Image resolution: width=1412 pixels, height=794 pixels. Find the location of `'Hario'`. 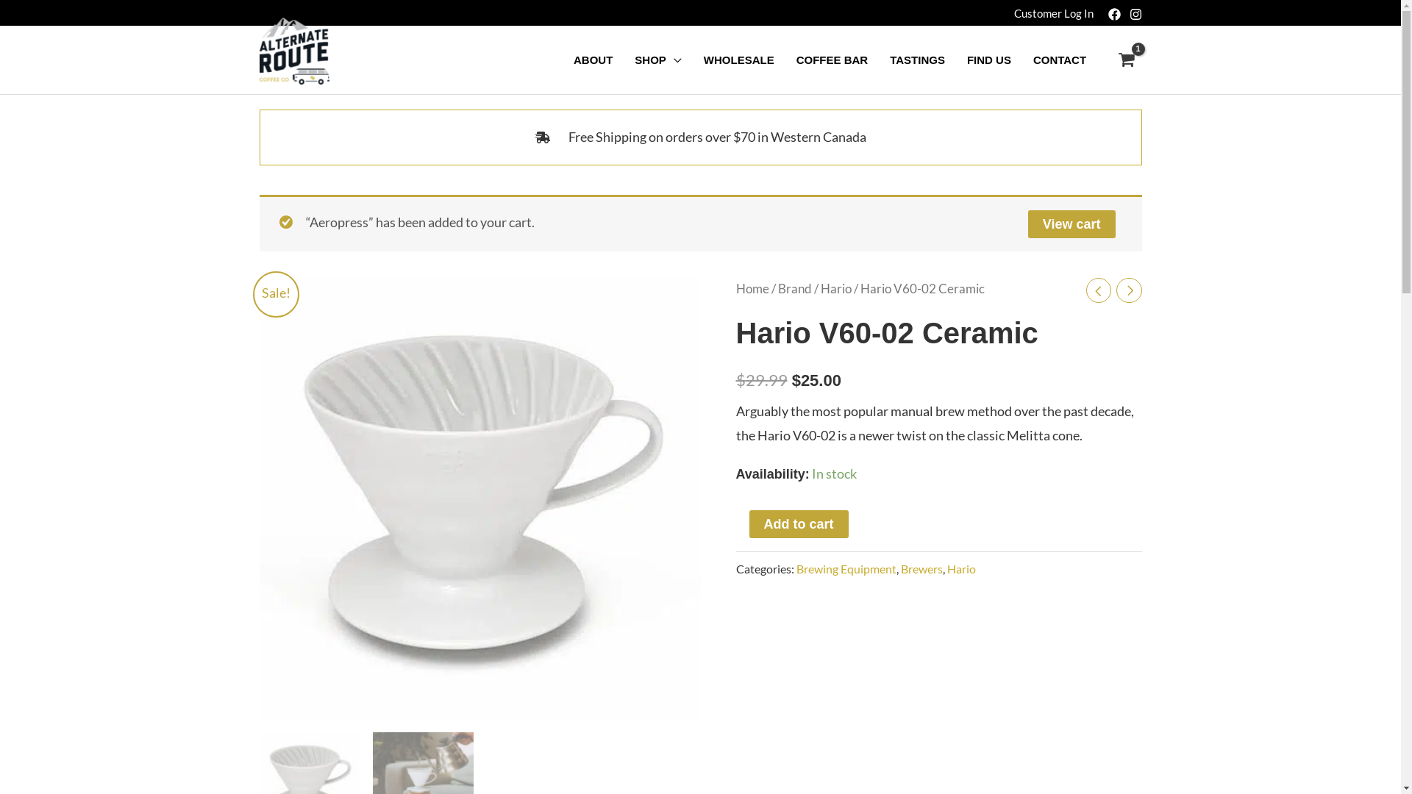

'Hario' is located at coordinates (836, 289).